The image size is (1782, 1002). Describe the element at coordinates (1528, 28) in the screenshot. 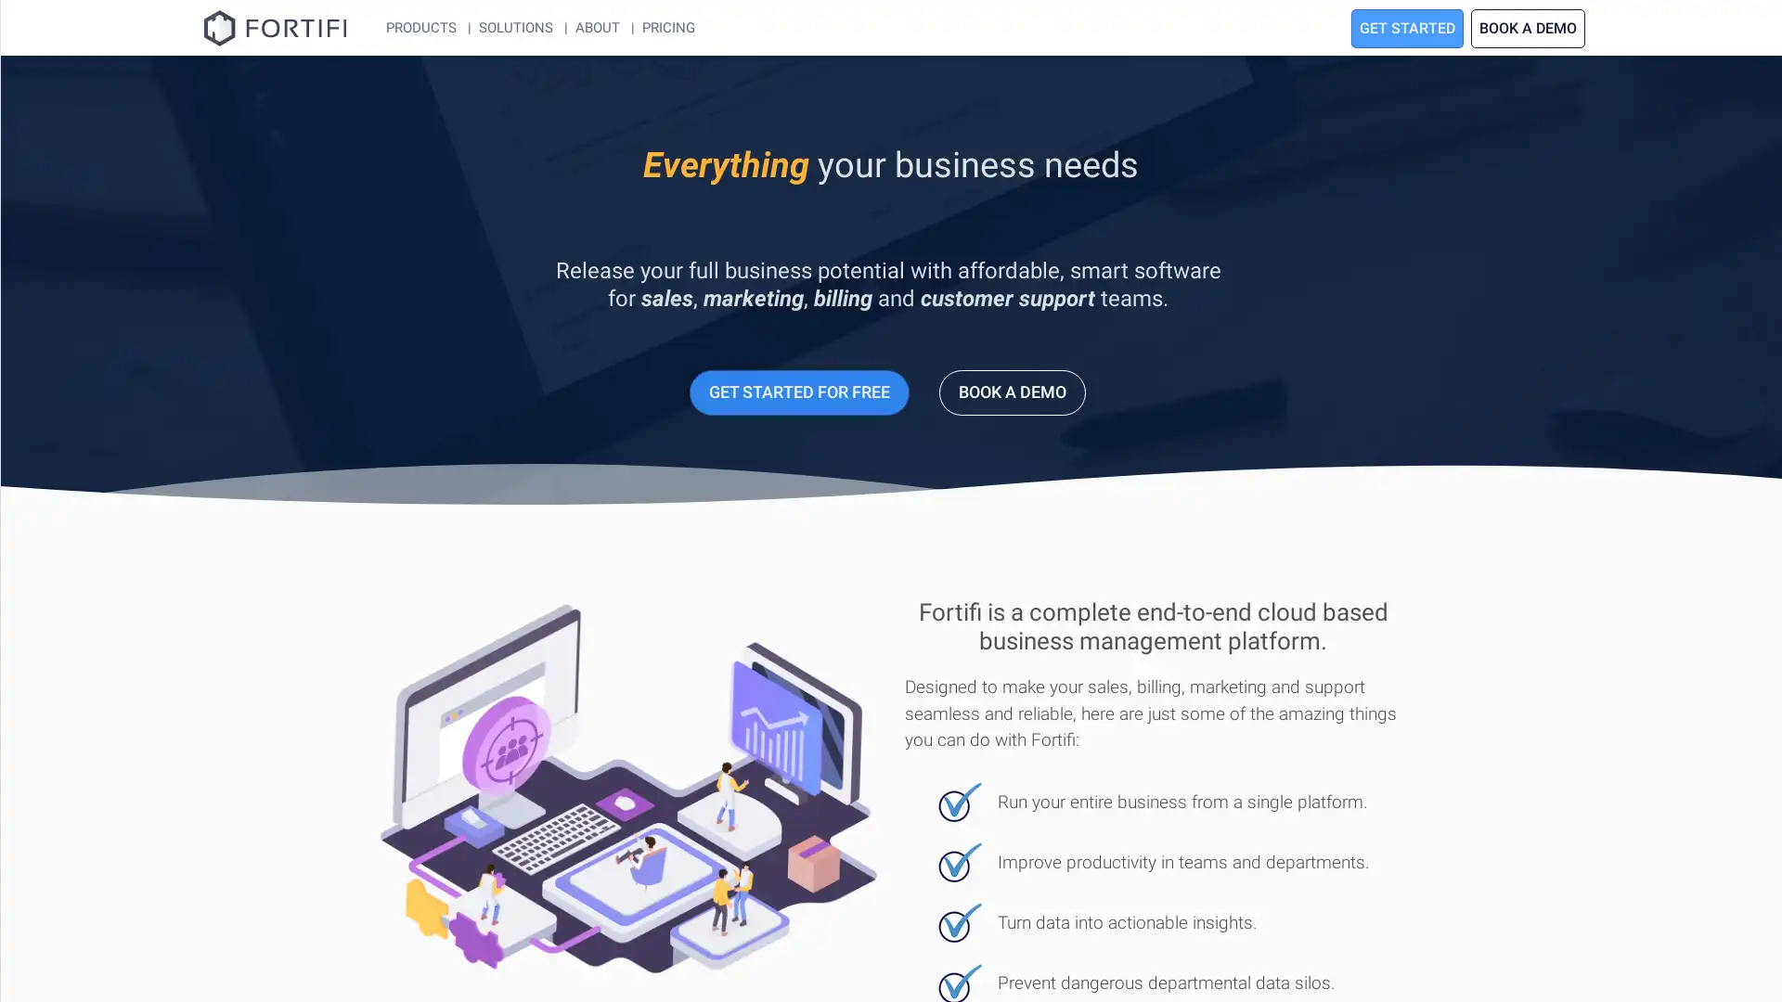

I see `BOOK A DEMO` at that location.